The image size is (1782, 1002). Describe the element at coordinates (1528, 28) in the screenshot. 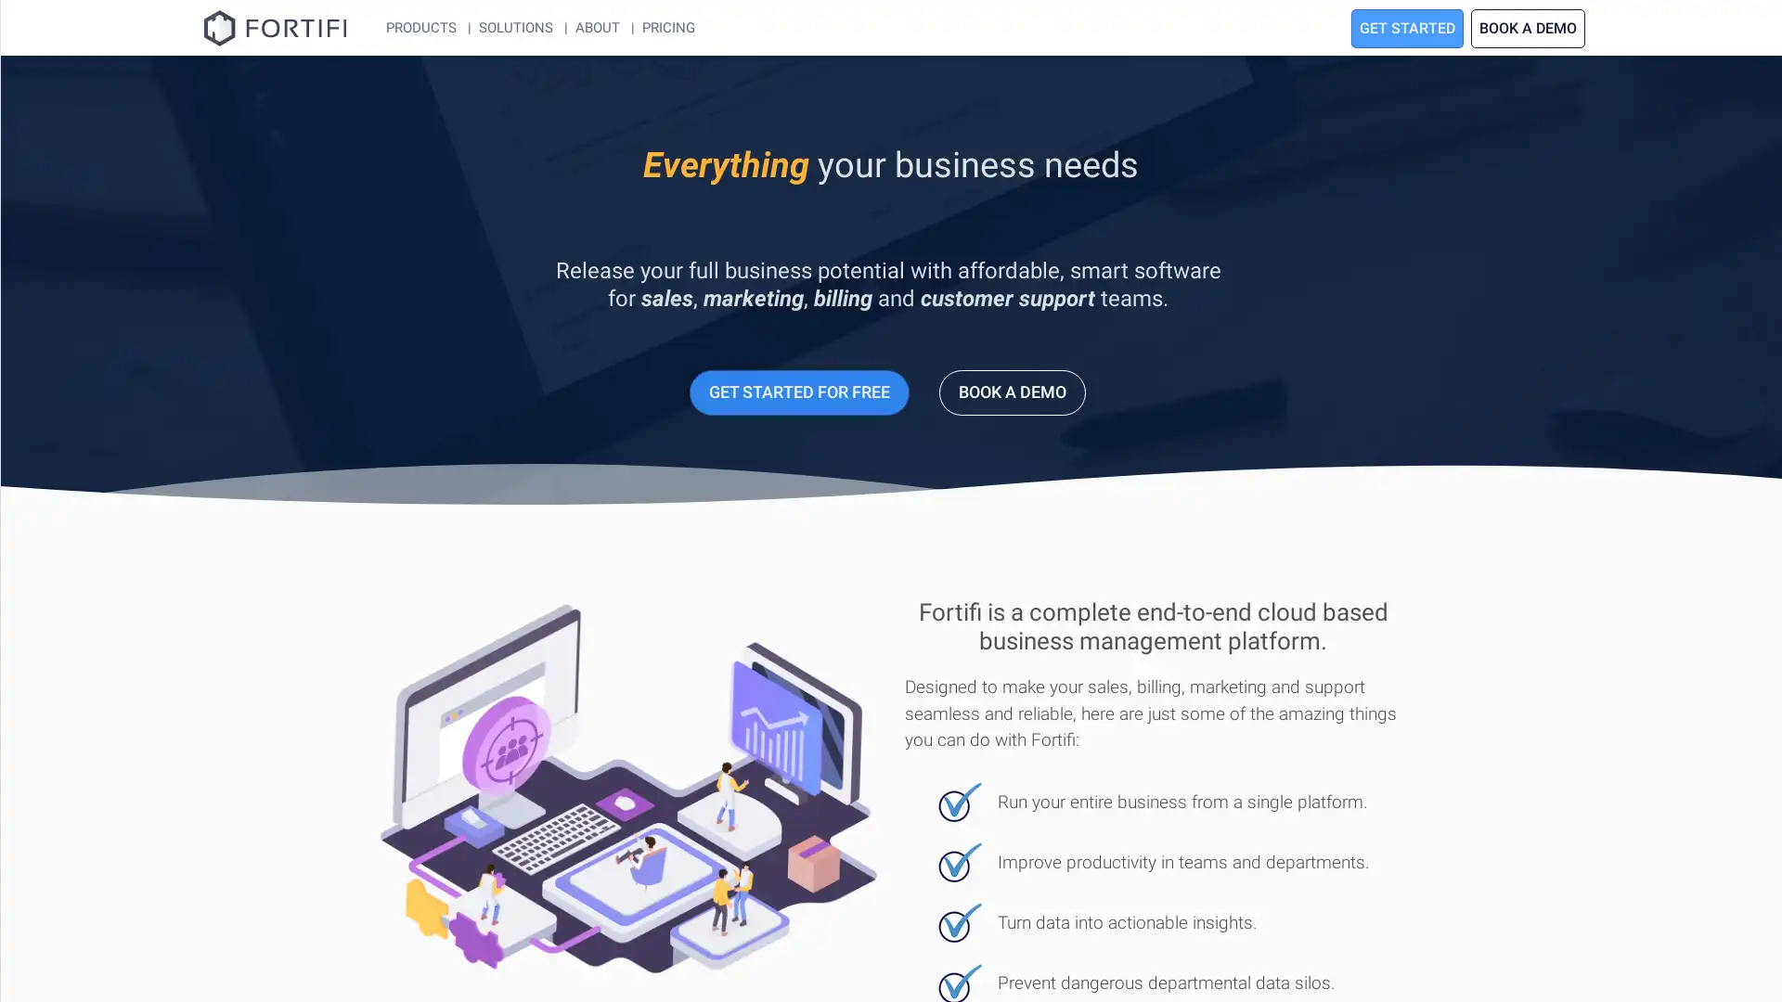

I see `BOOK A DEMO` at that location.